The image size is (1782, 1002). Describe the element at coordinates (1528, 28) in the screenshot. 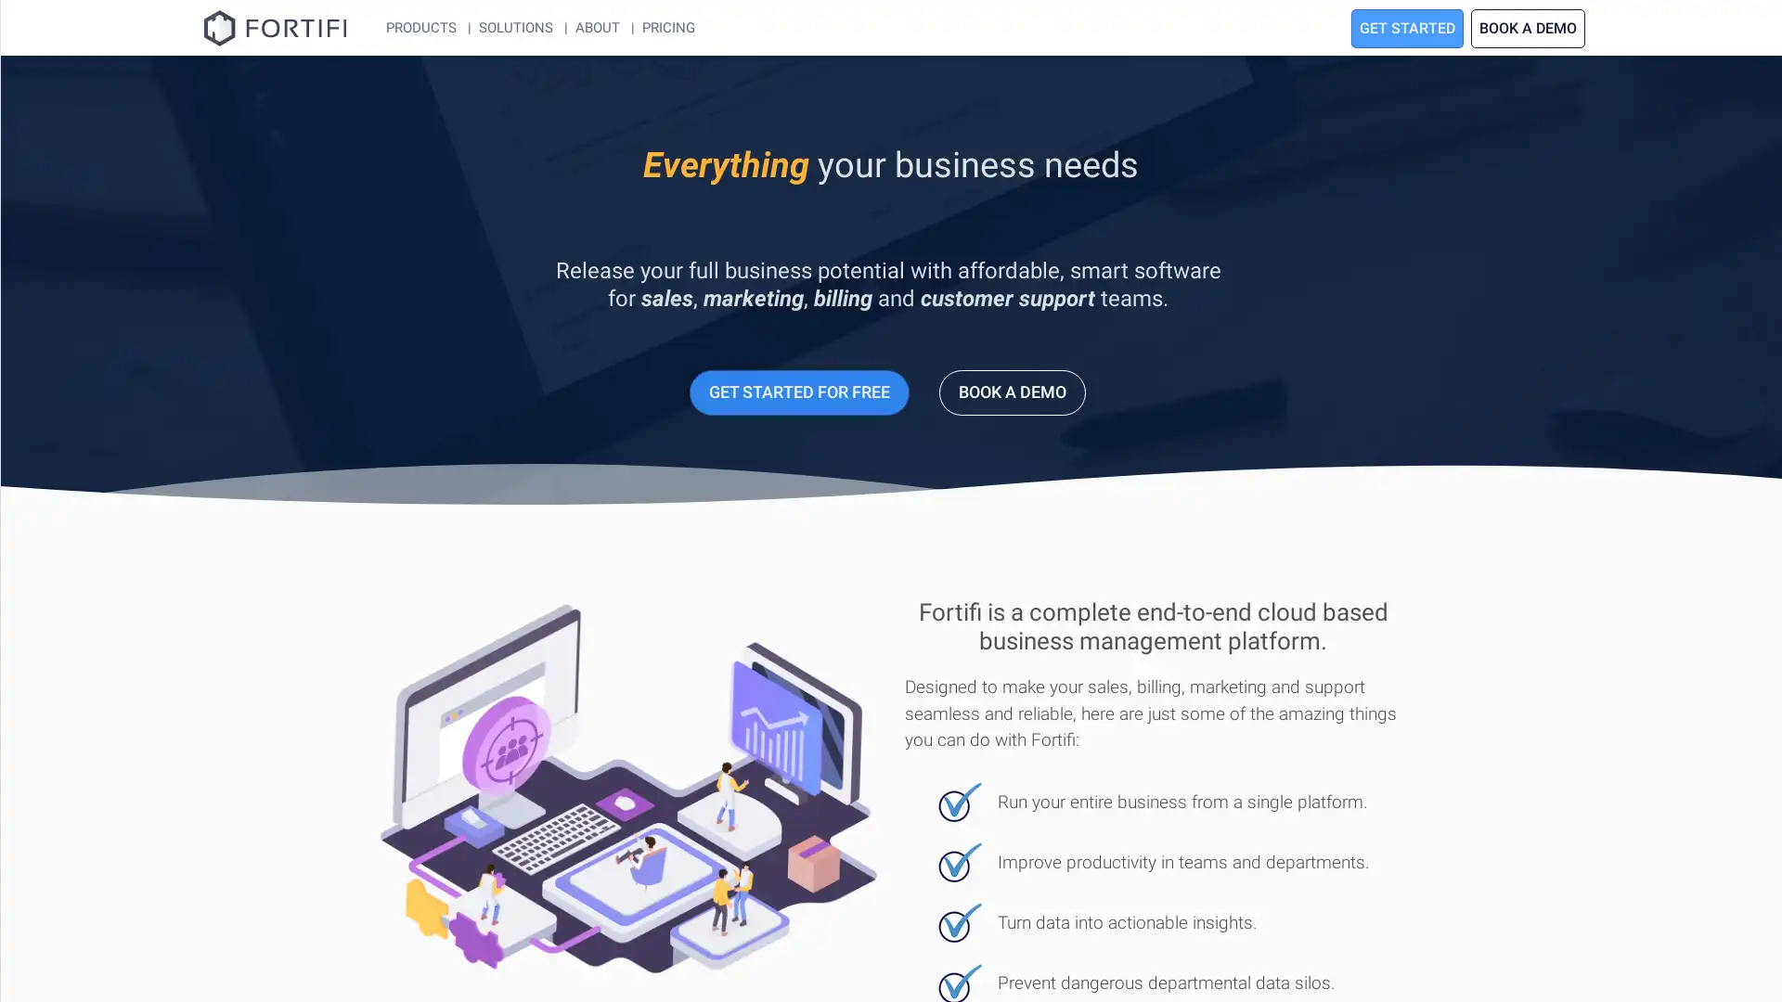

I see `BOOK A DEMO` at that location.